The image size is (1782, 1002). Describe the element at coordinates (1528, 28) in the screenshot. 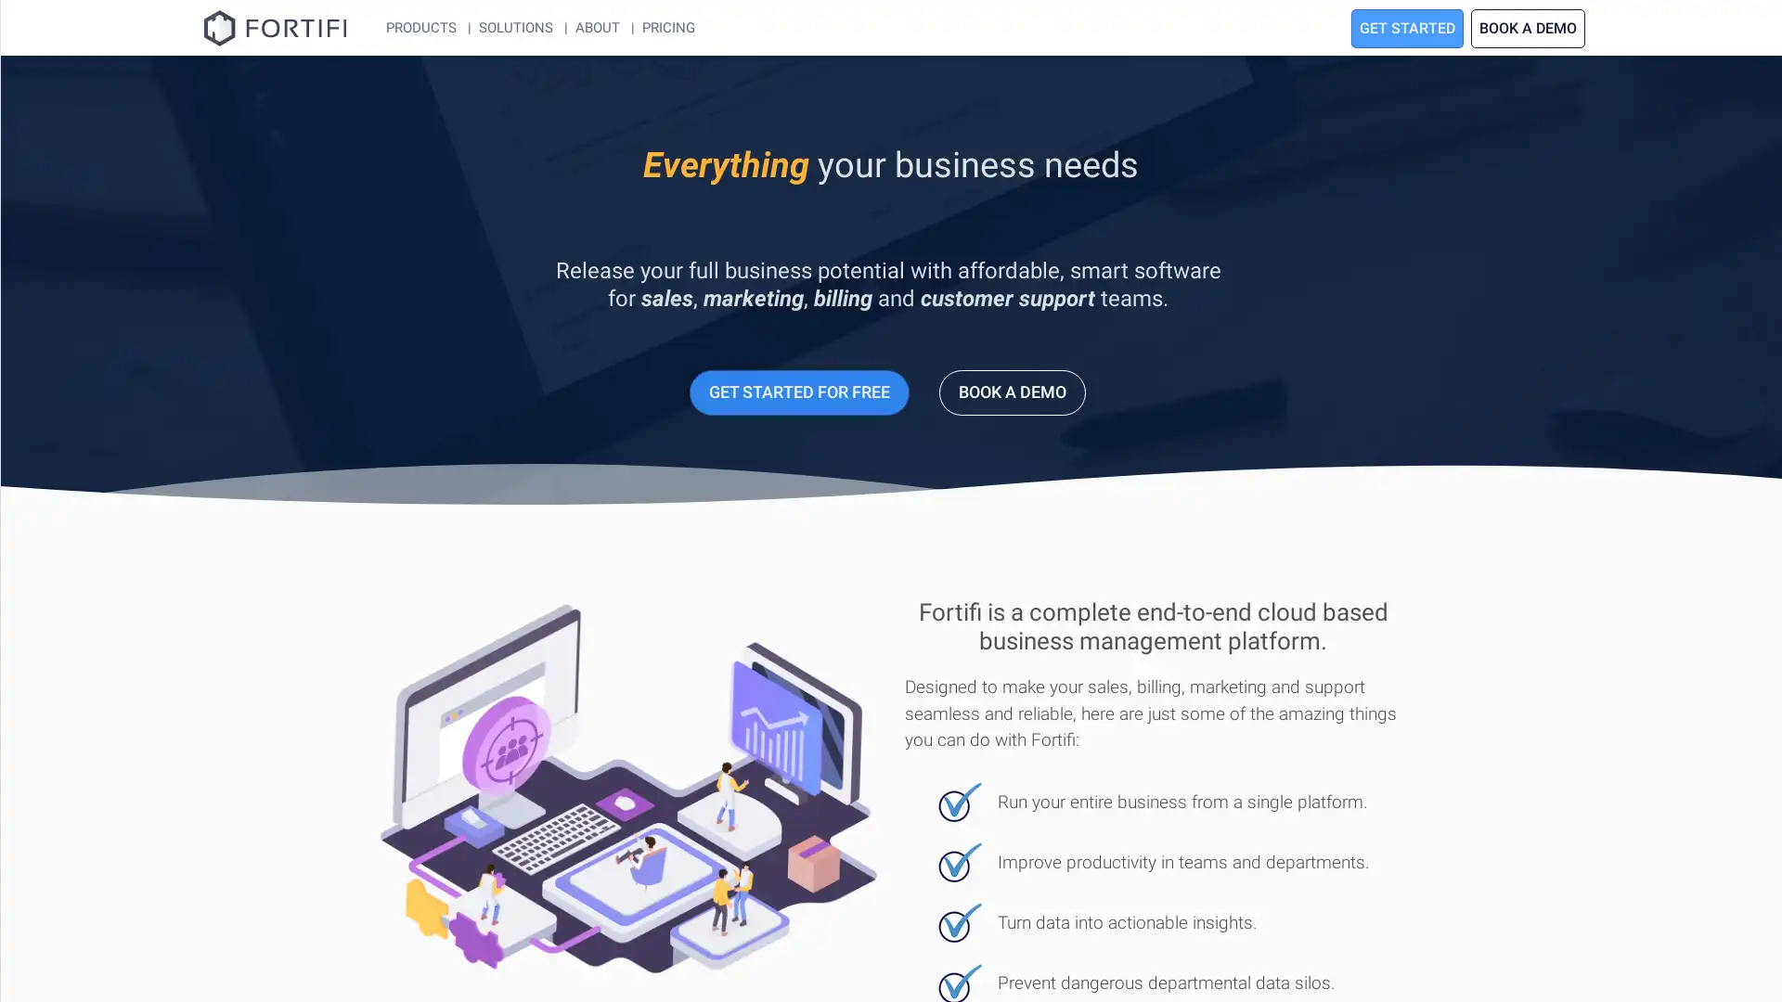

I see `BOOK A DEMO` at that location.